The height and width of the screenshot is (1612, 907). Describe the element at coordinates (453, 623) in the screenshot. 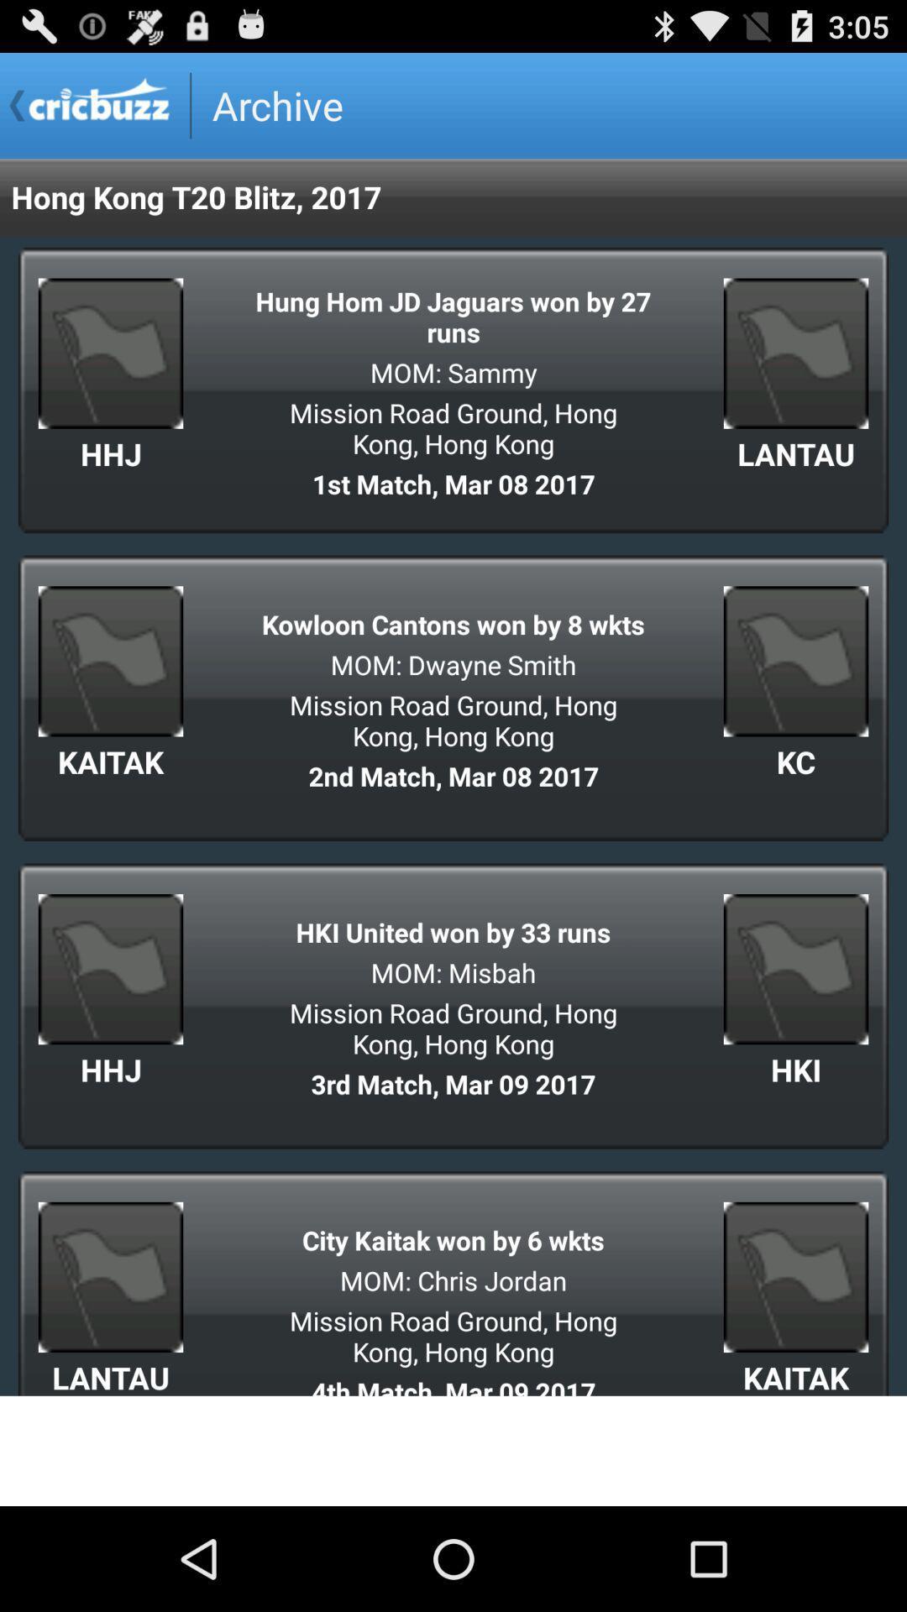

I see `kowloon cantons won` at that location.